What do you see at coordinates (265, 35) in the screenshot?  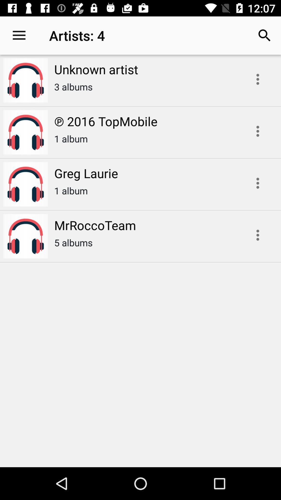 I see `icon next to the artists: 4 icon` at bounding box center [265, 35].